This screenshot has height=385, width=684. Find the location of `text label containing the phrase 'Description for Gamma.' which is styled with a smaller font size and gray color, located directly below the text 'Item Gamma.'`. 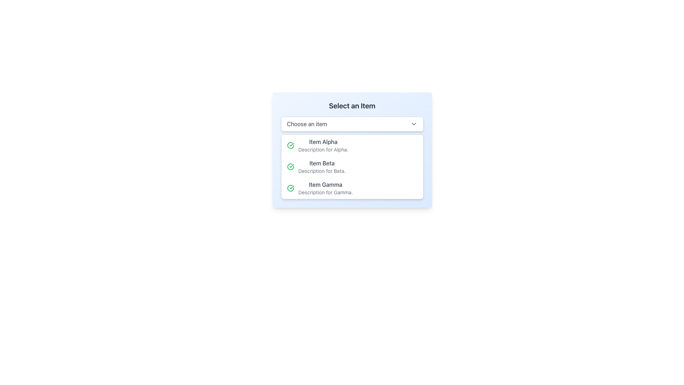

text label containing the phrase 'Description for Gamma.' which is styled with a smaller font size and gray color, located directly below the text 'Item Gamma.' is located at coordinates (325, 192).